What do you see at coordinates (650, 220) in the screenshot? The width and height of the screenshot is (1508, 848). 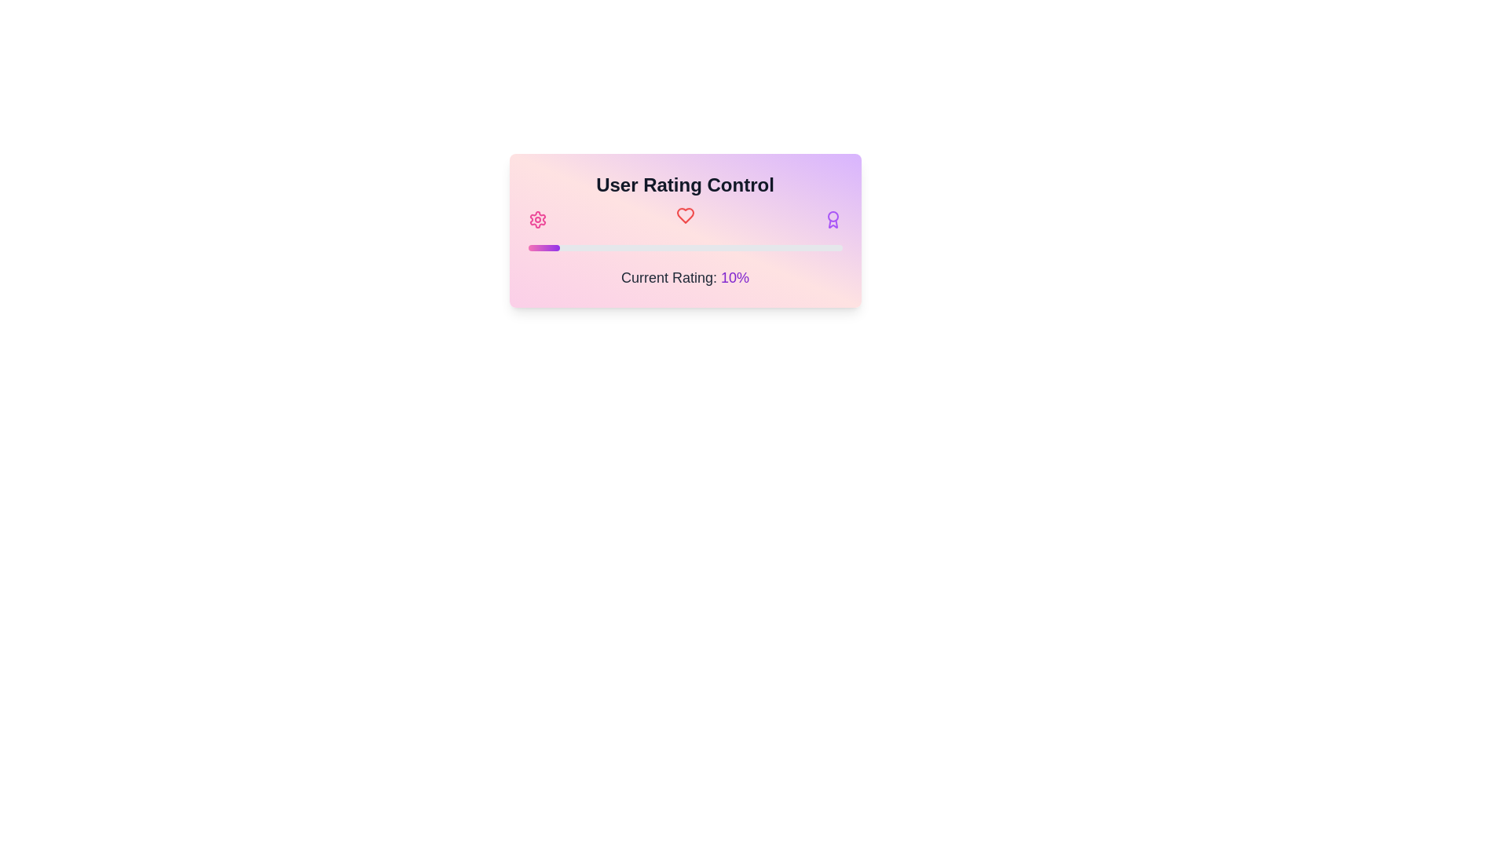 I see `the rating value` at bounding box center [650, 220].